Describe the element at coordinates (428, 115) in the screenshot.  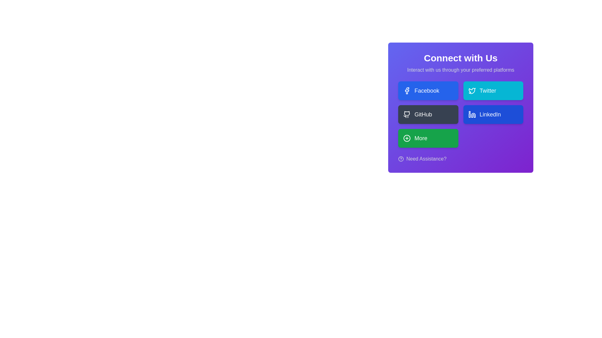
I see `the GitHub button located in the second row and first column of the grid layout` at that location.